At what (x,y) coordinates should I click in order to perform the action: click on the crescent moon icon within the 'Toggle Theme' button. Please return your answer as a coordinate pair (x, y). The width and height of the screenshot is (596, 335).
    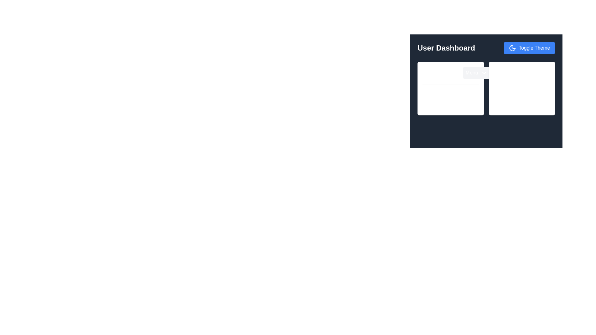
    Looking at the image, I should click on (512, 47).